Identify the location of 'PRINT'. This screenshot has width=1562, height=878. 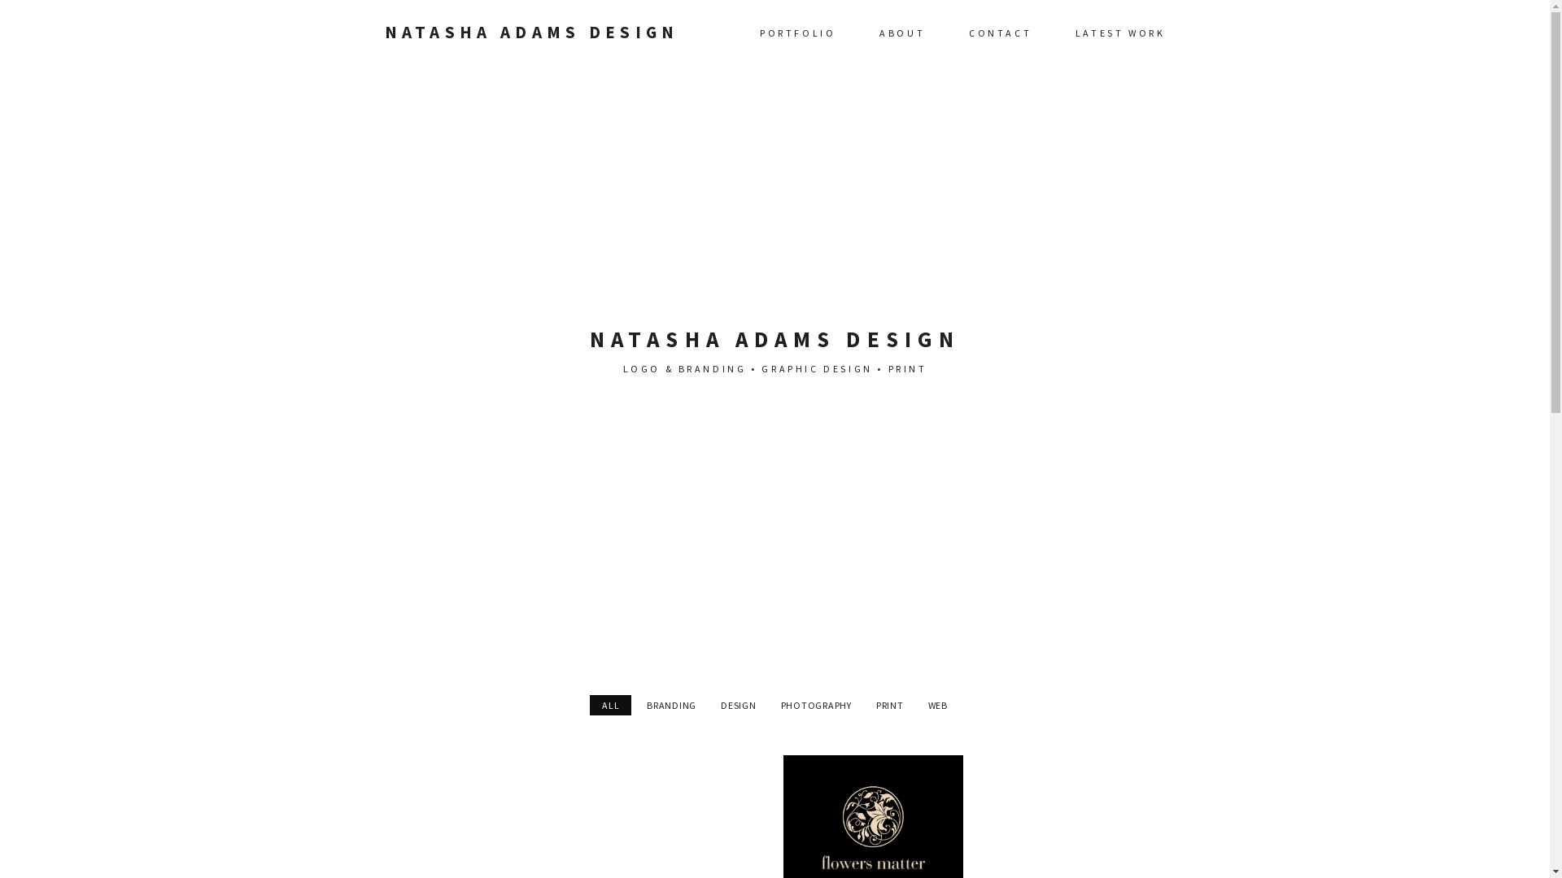
(889, 704).